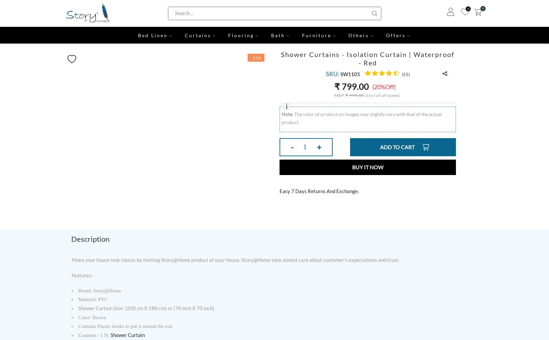 The image size is (549, 340). What do you see at coordinates (71, 238) in the screenshot?
I see `'Description'` at bounding box center [71, 238].